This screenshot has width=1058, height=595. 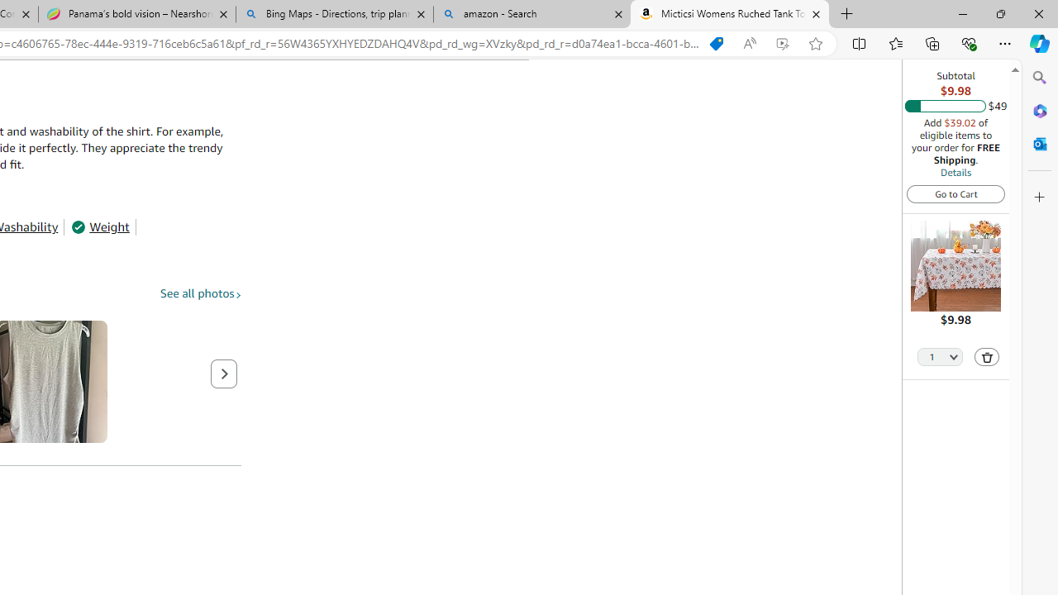 I want to click on 'Customize', so click(x=1039, y=197).